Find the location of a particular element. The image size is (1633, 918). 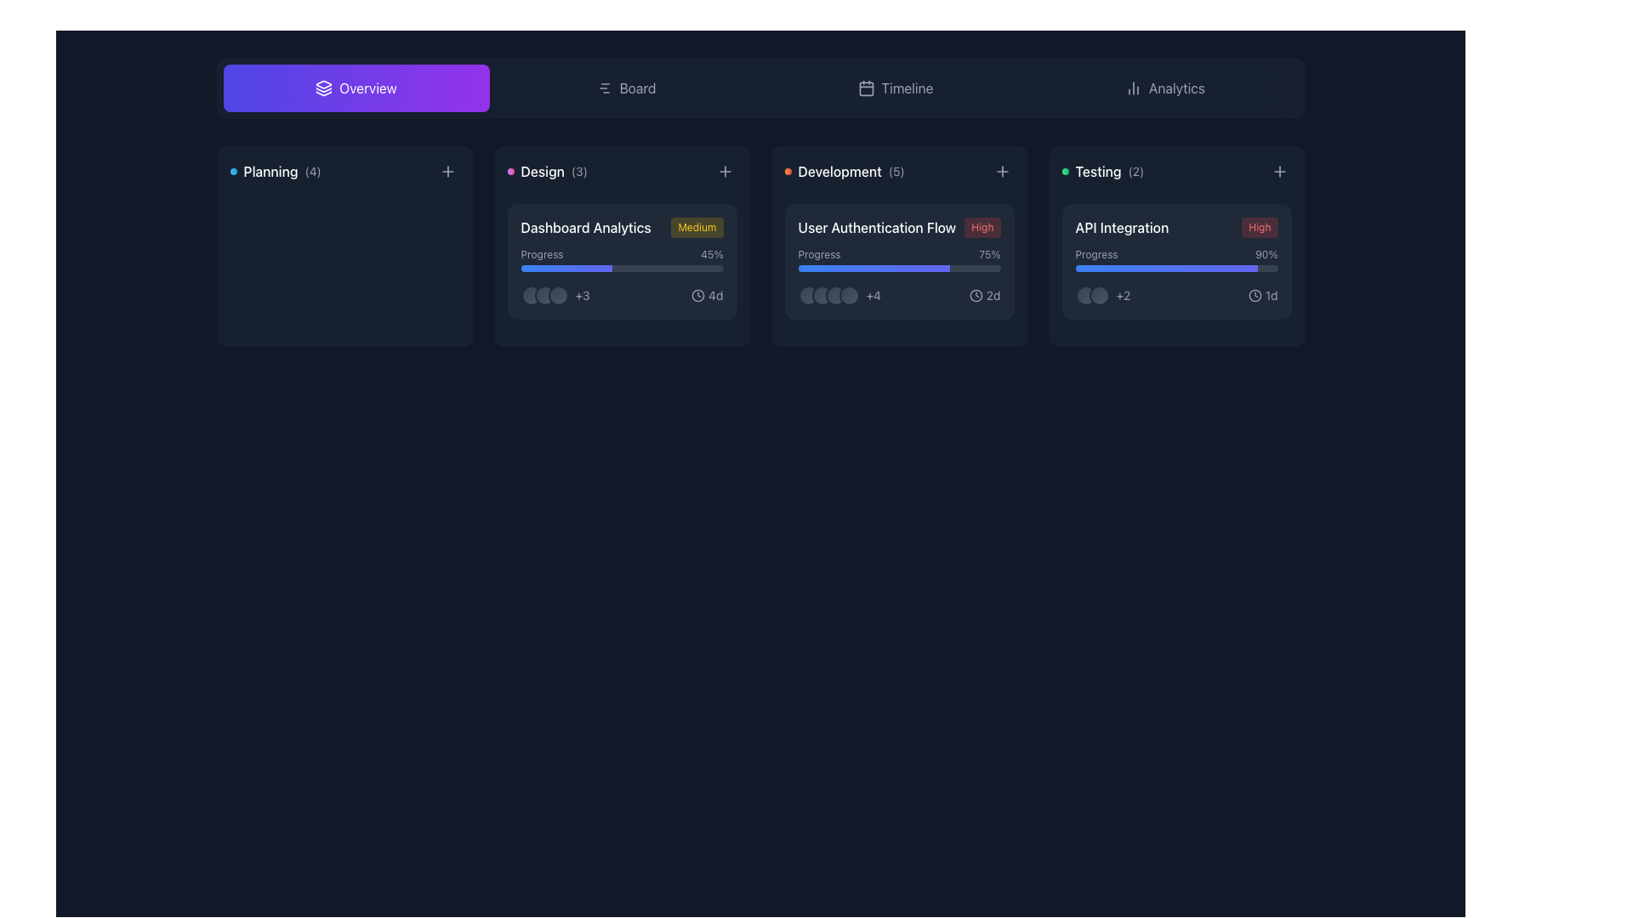

the progress represented by the progress bar located within the 'Dashboard Analytics' card in the 'Design' section, indicating a completion level of 45% is located at coordinates (566, 268).